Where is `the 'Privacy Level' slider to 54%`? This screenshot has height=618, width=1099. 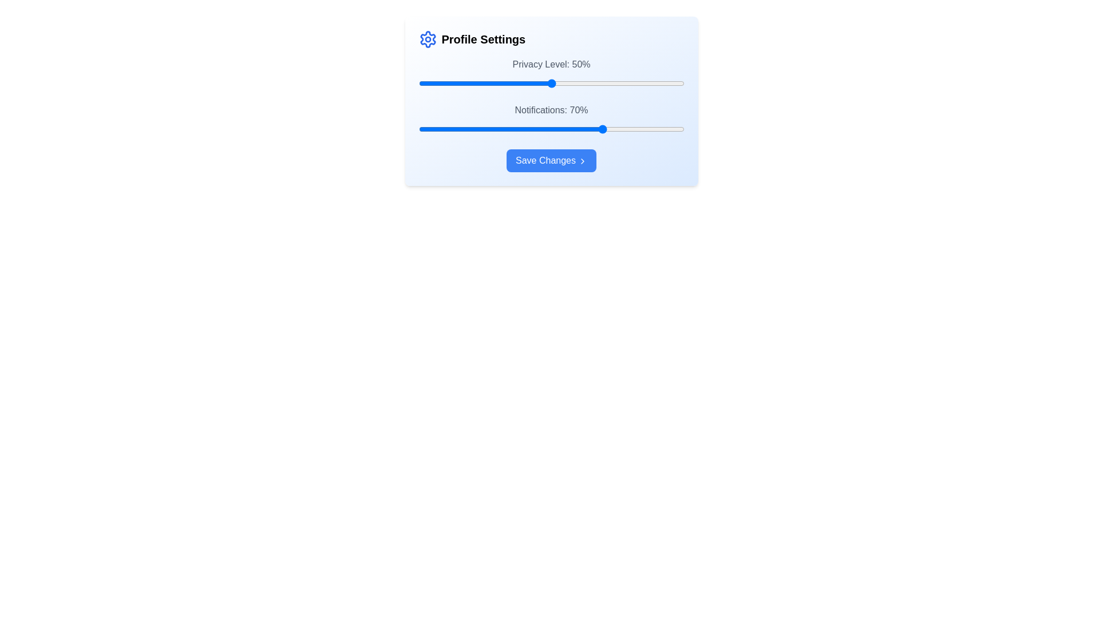
the 'Privacy Level' slider to 54% is located at coordinates (562, 83).